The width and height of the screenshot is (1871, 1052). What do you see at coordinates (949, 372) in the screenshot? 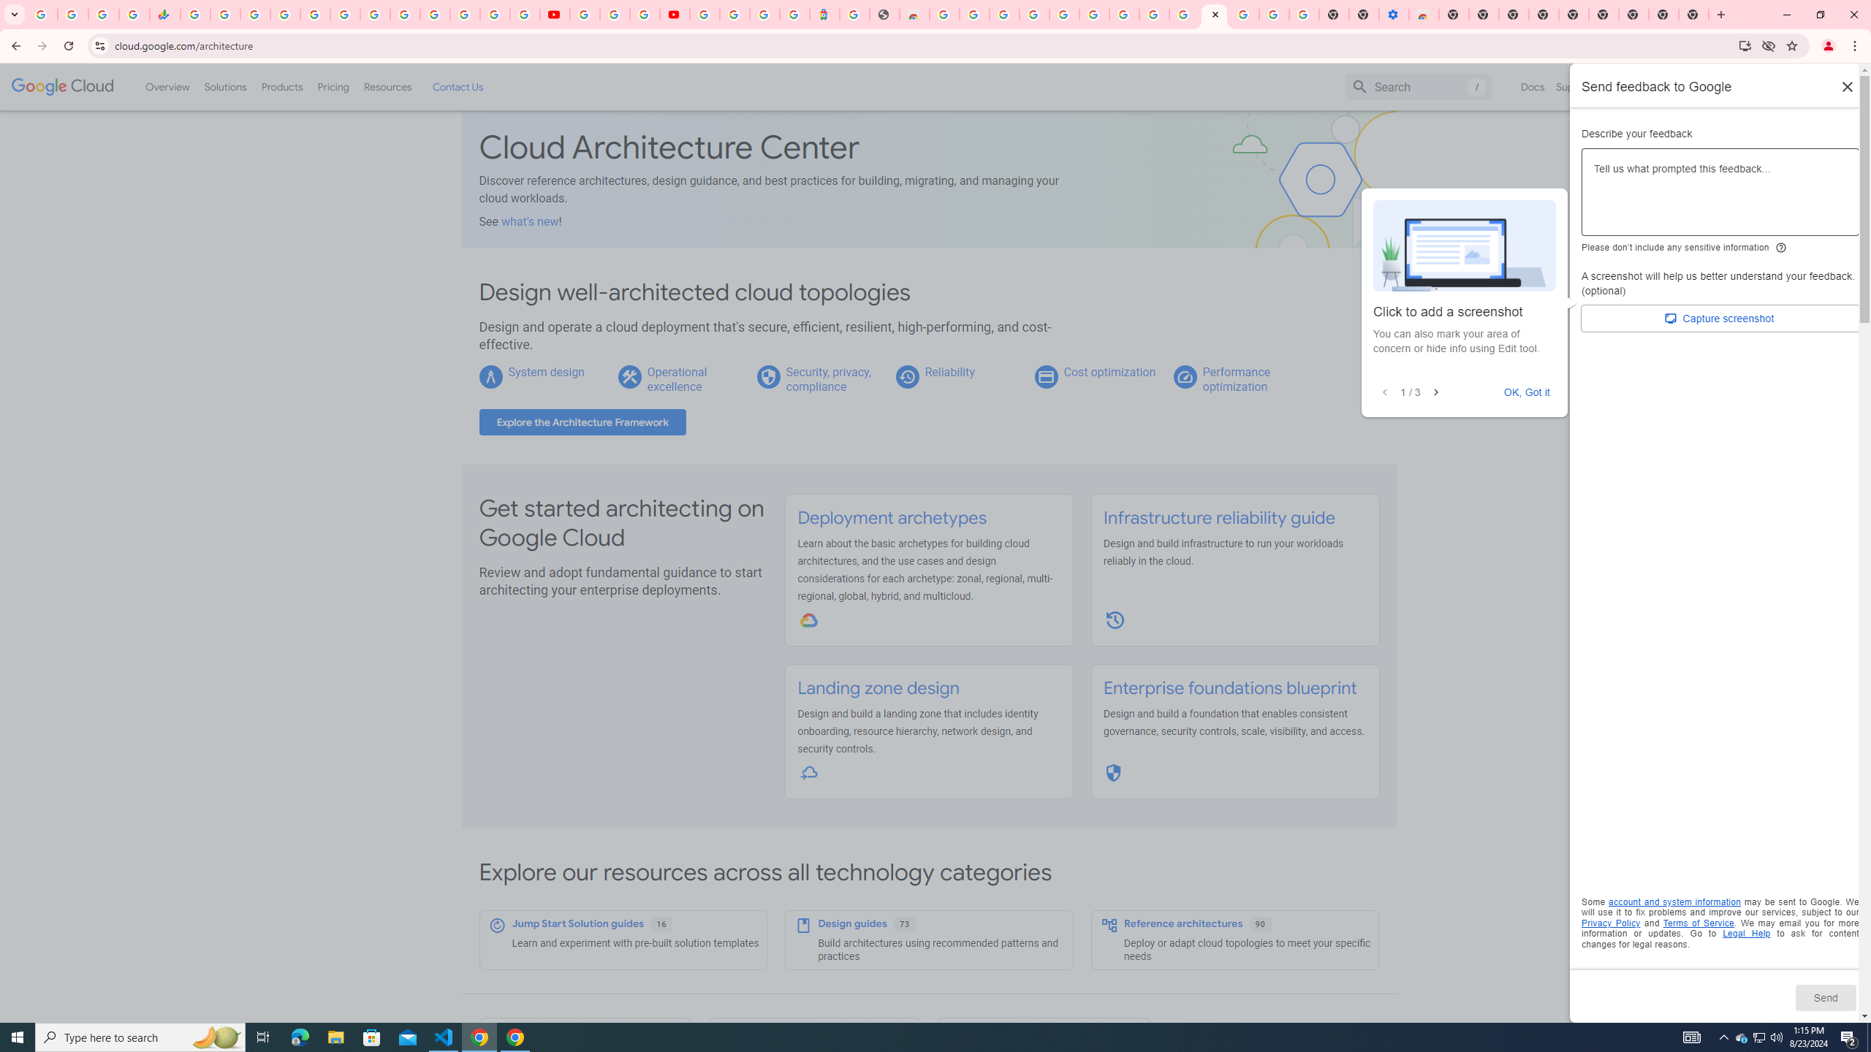
I see `'Reliability'` at bounding box center [949, 372].